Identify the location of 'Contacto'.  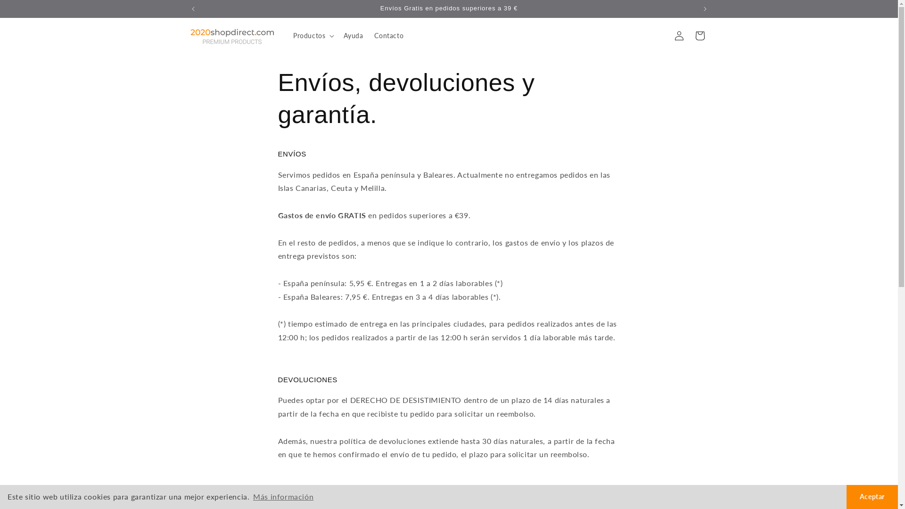
(389, 35).